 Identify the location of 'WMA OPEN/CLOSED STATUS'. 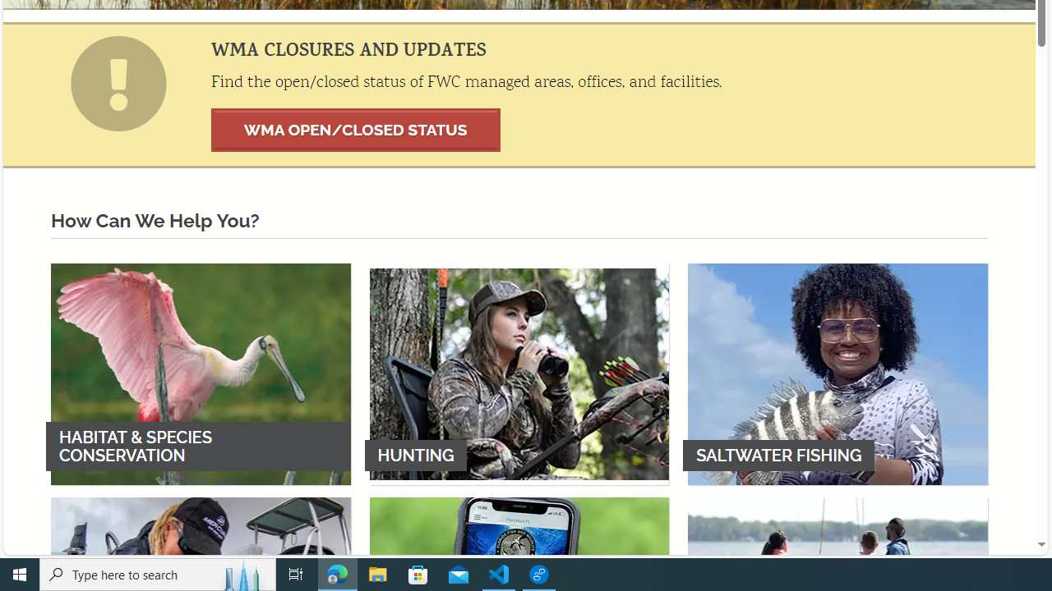
(355, 129).